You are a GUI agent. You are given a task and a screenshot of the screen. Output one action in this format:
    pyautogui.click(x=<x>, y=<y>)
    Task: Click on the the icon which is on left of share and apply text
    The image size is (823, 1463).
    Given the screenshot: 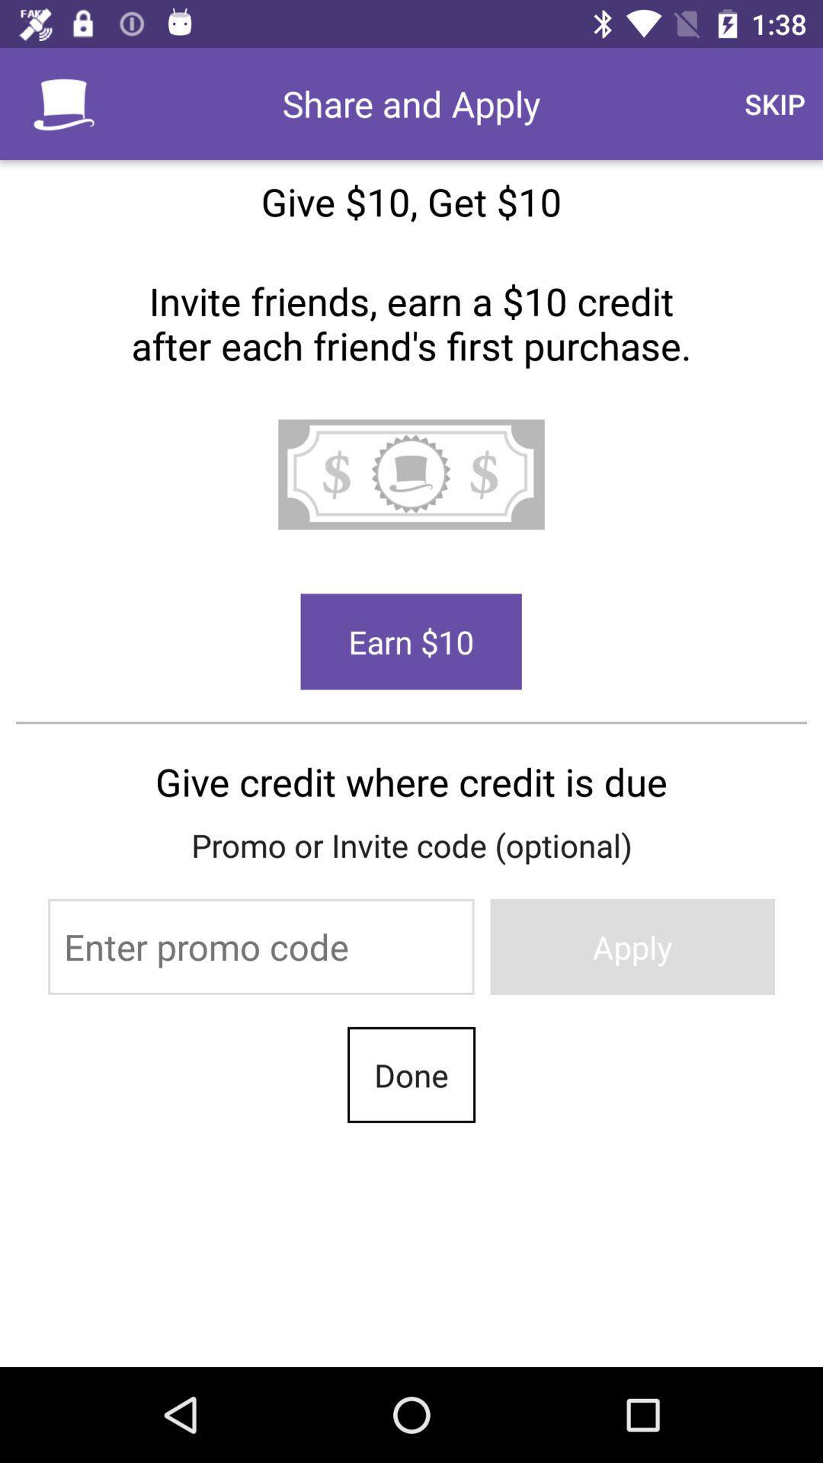 What is the action you would take?
    pyautogui.click(x=63, y=104)
    